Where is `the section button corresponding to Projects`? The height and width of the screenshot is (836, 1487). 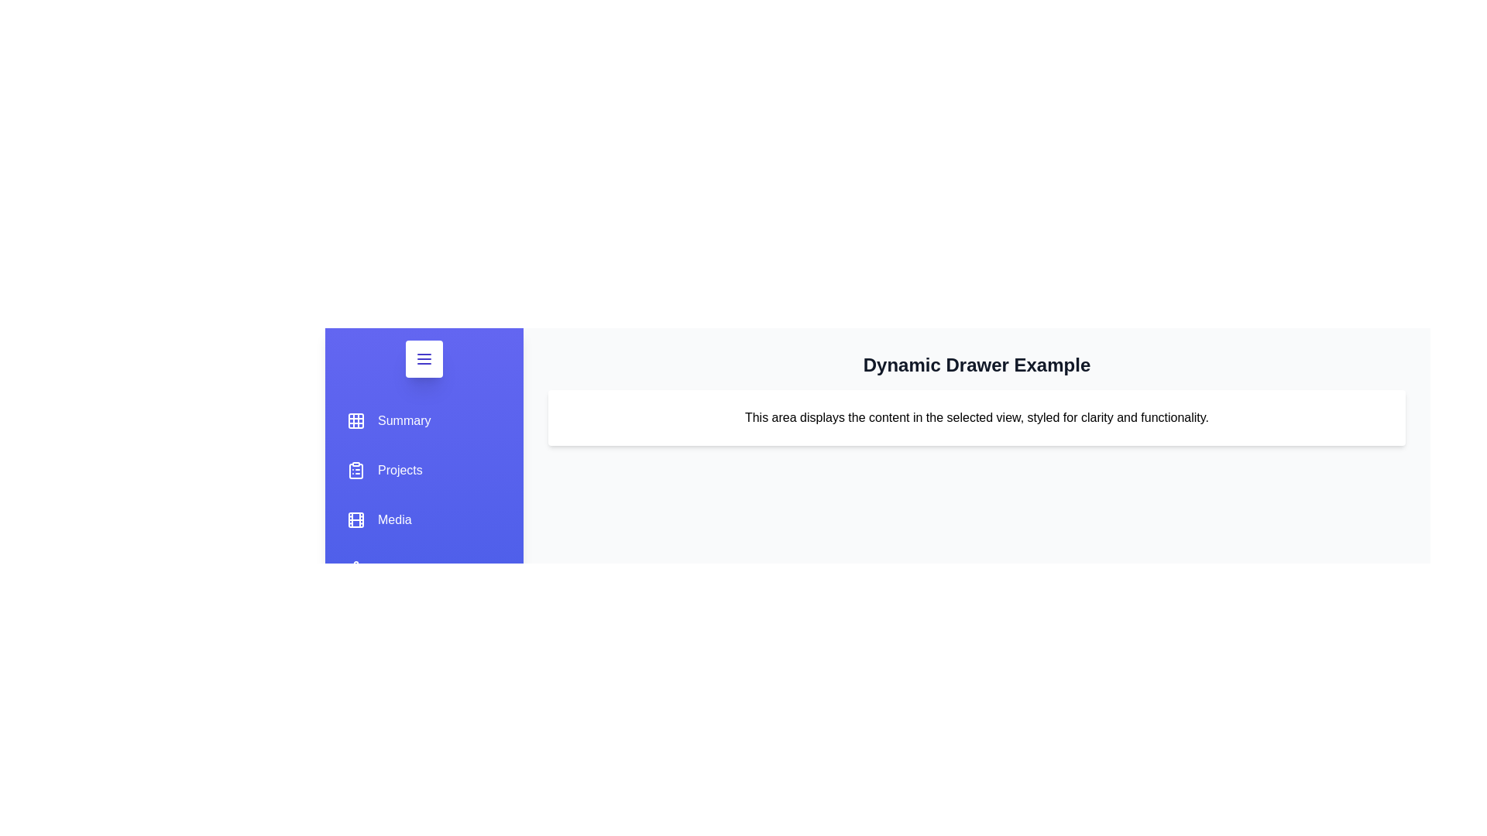
the section button corresponding to Projects is located at coordinates (385, 470).